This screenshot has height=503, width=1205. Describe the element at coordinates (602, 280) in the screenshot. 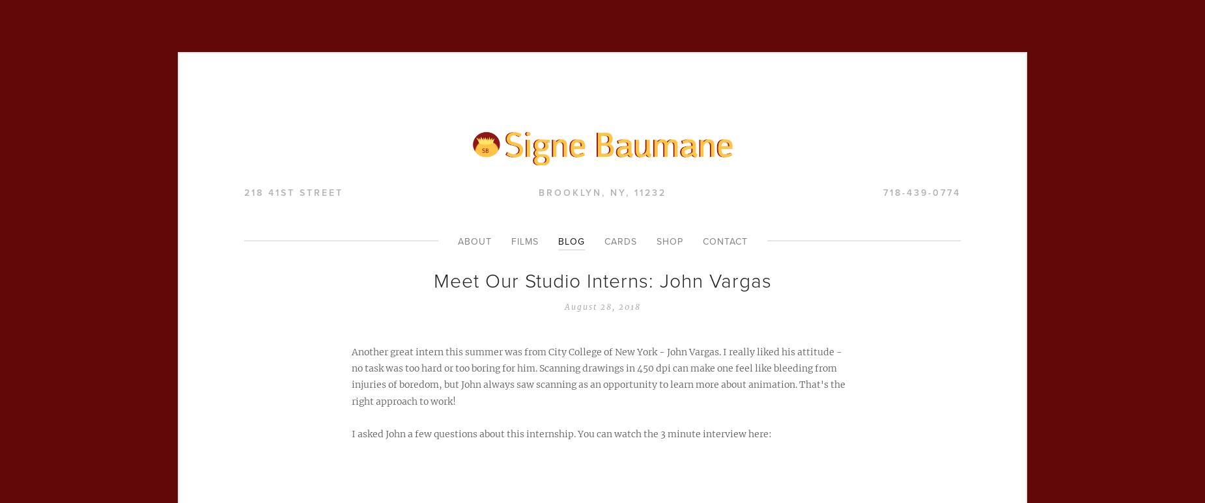

I see `'Meet Our Studio Interns: John Vargas'` at that location.